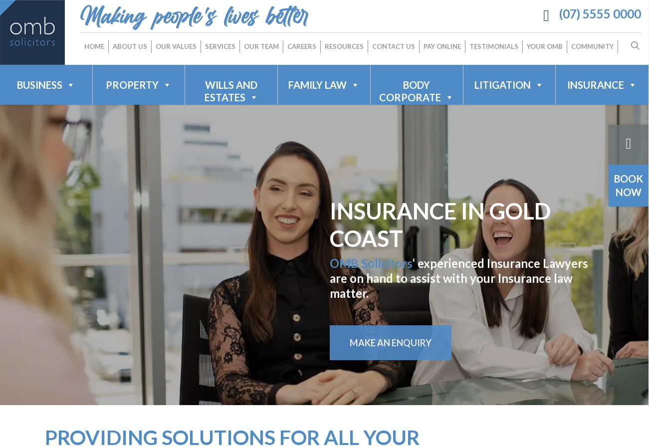  What do you see at coordinates (439, 143) in the screenshot?
I see `'Business Acquisitions & Sales'` at bounding box center [439, 143].